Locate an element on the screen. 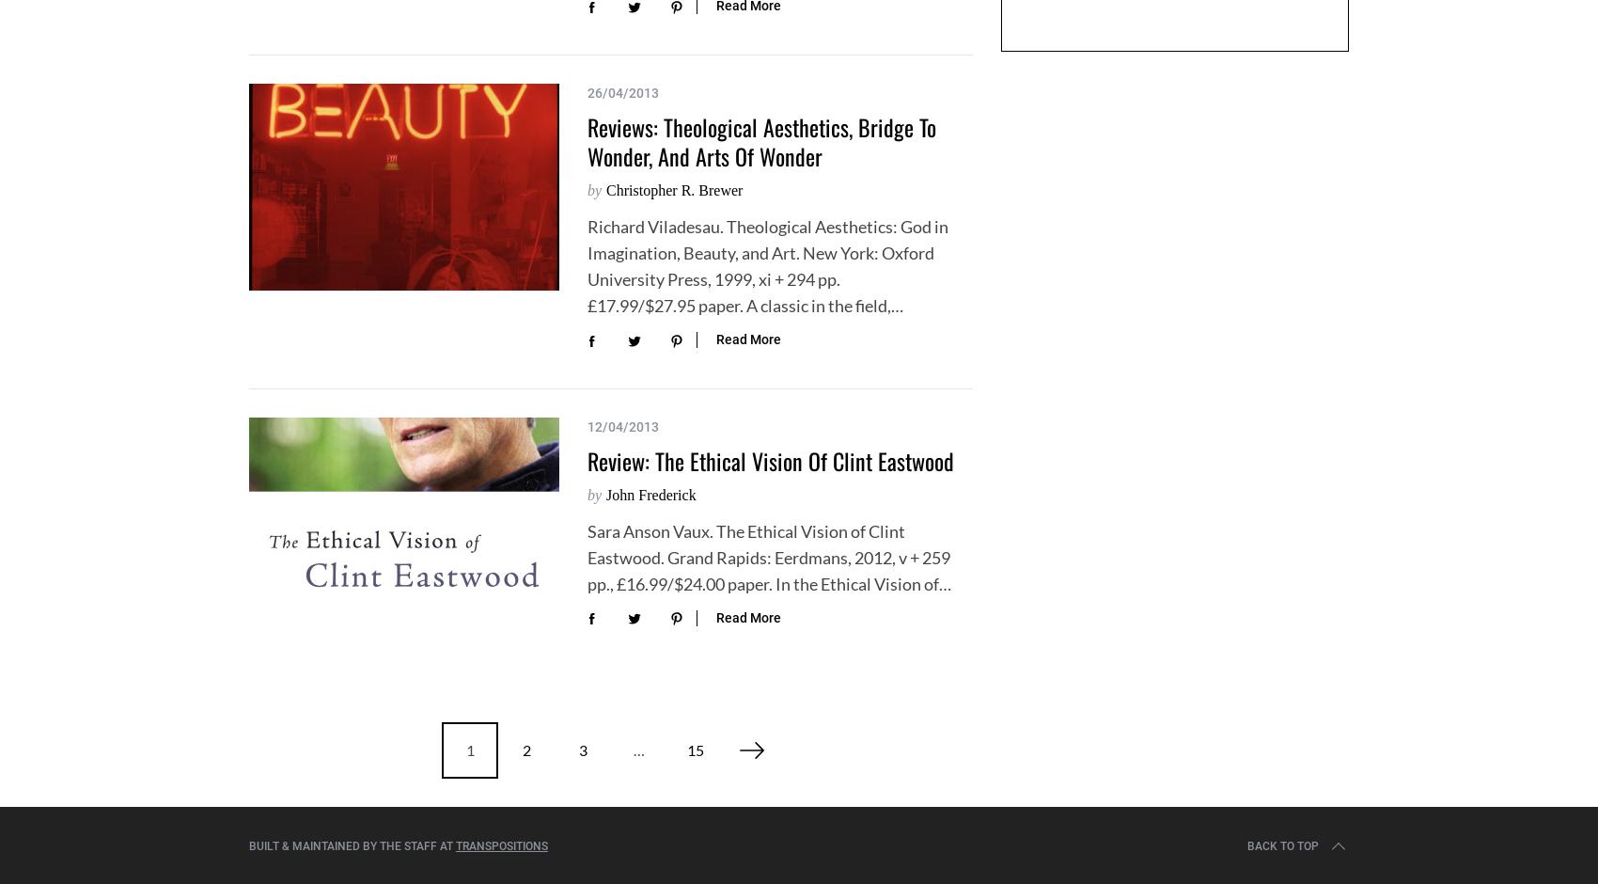 The height and width of the screenshot is (884, 1598). 'Sara Anson Vaux. The Ethical Vision of Clint Eastwood. Grand Rapids: Eerdmans, 2012, v + 259 pp., £16.99/$24.00 paper. In the Ethical Vision of…' is located at coordinates (768, 556).